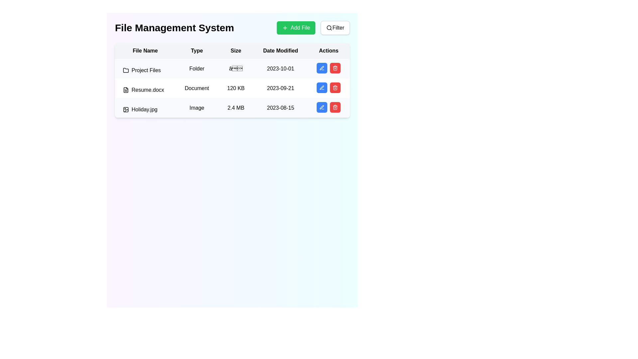  What do you see at coordinates (196, 51) in the screenshot?
I see `the 'Type' column header in the table to sort the entries by type, which is the second column header located between 'File Name' and 'Size'` at bounding box center [196, 51].